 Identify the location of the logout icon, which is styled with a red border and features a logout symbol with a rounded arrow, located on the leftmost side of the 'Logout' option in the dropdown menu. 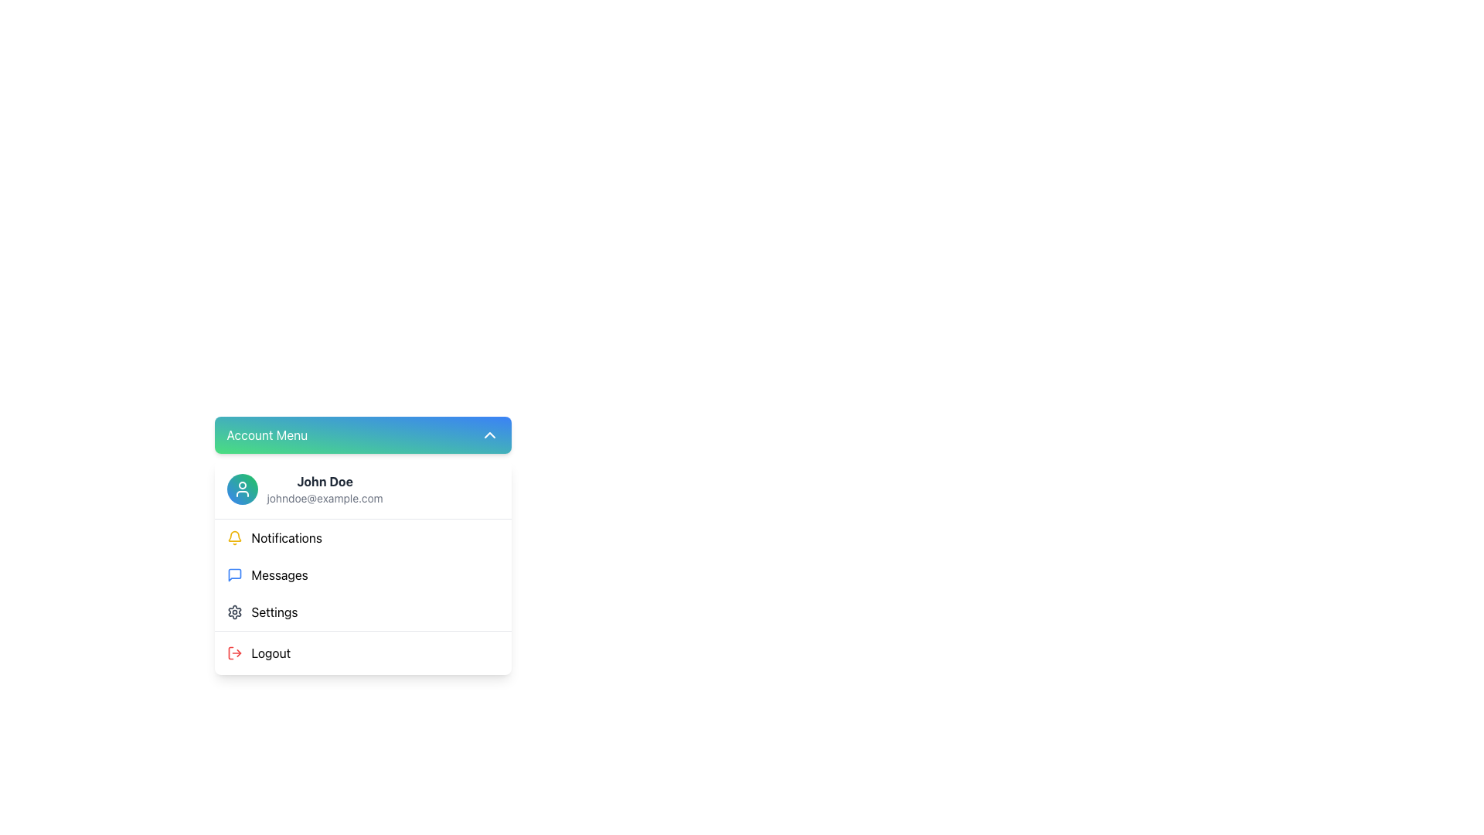
(233, 653).